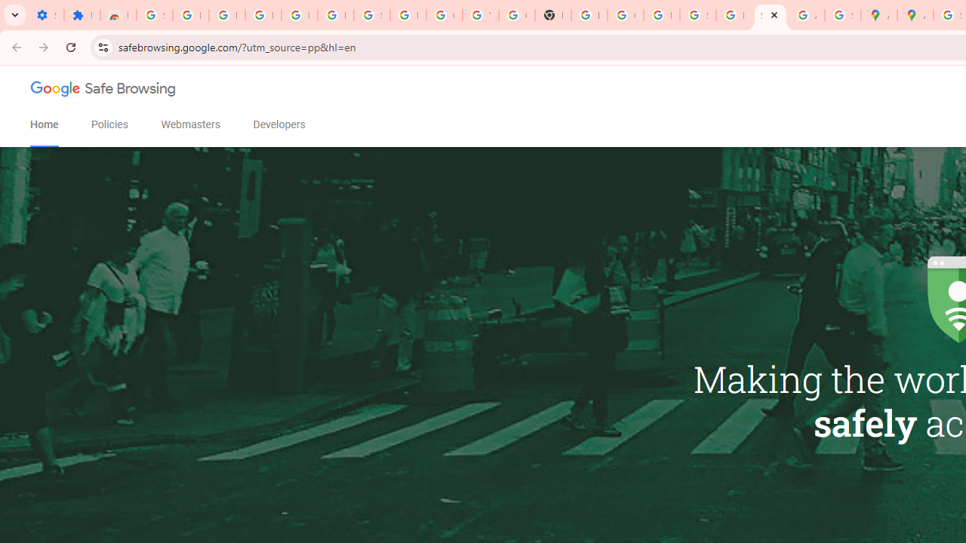  What do you see at coordinates (154, 15) in the screenshot?
I see `'Sign in - Google Accounts'` at bounding box center [154, 15].